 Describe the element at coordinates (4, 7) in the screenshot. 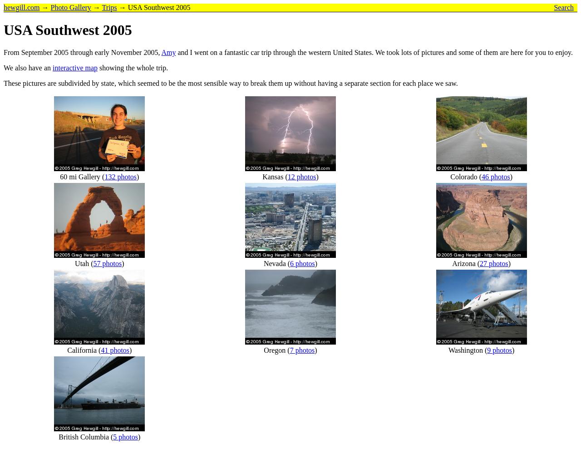

I see `'hewgill.com'` at that location.